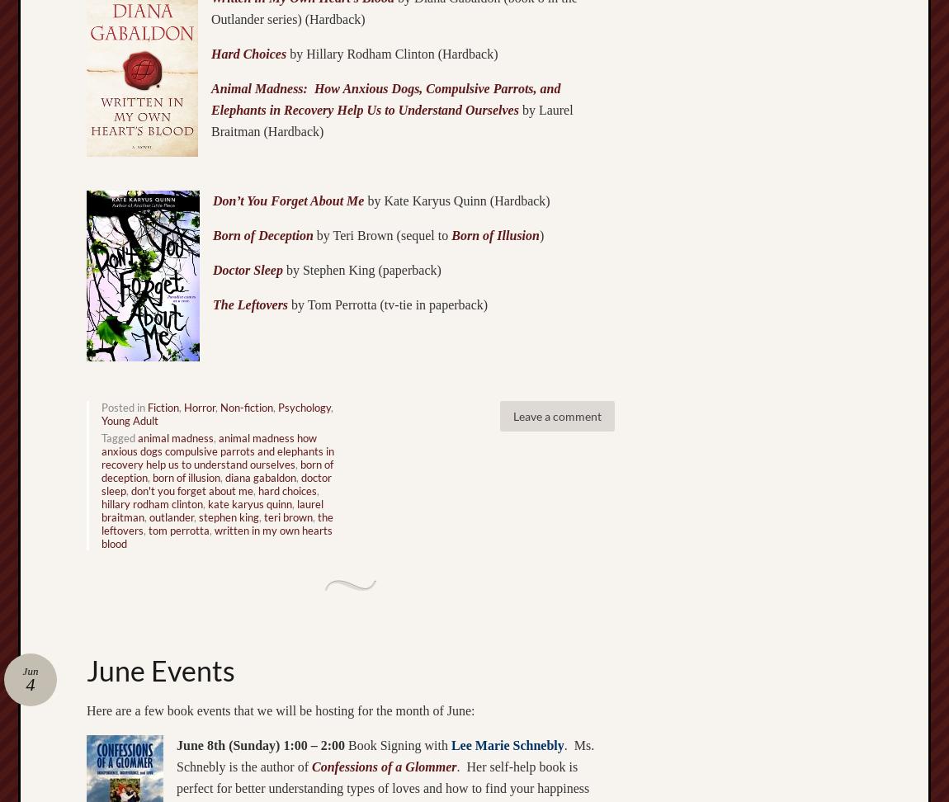 The width and height of the screenshot is (949, 802). What do you see at coordinates (216, 535) in the screenshot?
I see `'written in my own hearts blood'` at bounding box center [216, 535].